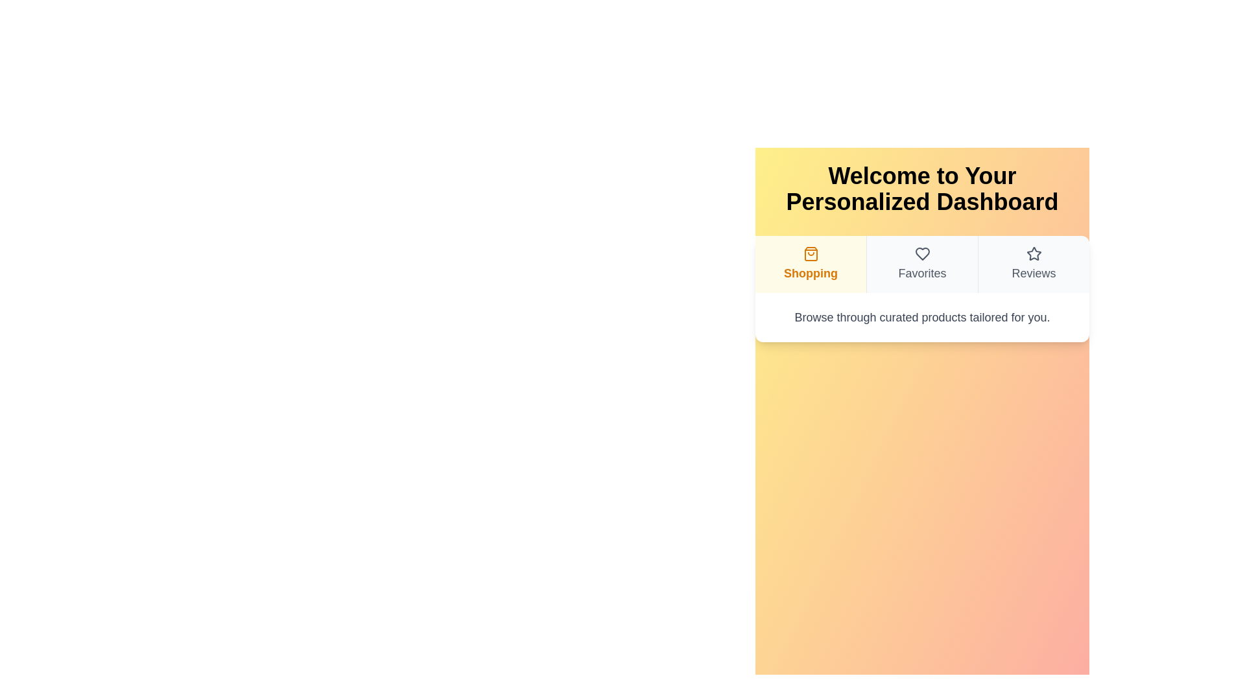 The width and height of the screenshot is (1245, 700). What do you see at coordinates (810, 264) in the screenshot?
I see `the Shopping tab by clicking on its corresponding button` at bounding box center [810, 264].